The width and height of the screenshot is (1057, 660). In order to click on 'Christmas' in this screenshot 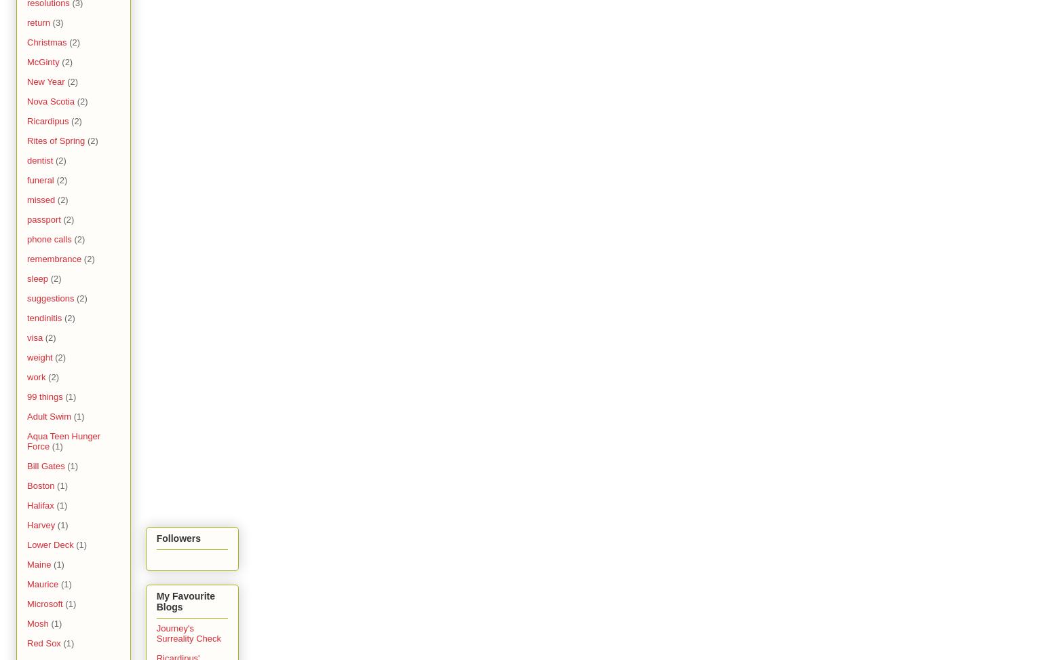, I will do `click(47, 41)`.